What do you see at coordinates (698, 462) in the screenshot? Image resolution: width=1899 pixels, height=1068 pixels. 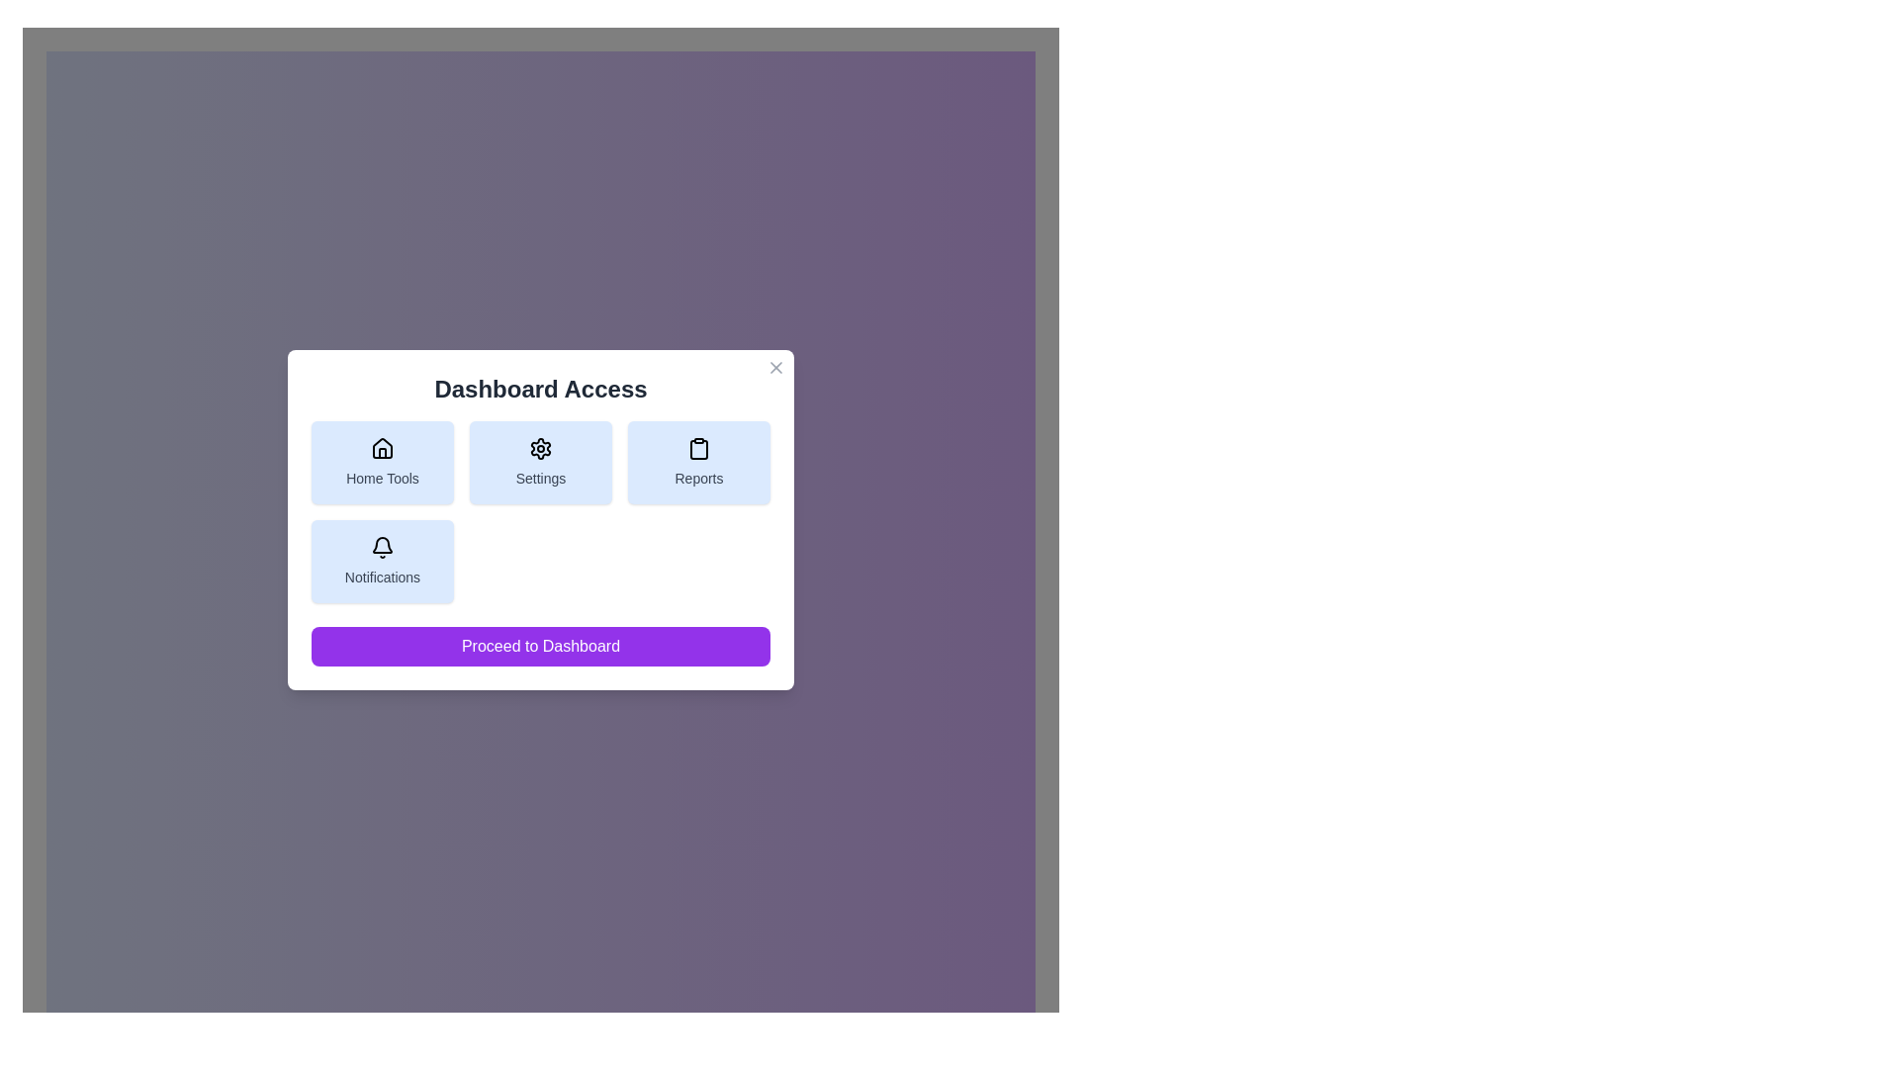 I see `the light blue 'Reports' button with a clipboard icon located in the third column of the grid layout on the 'Dashboard Access' card` at bounding box center [698, 462].